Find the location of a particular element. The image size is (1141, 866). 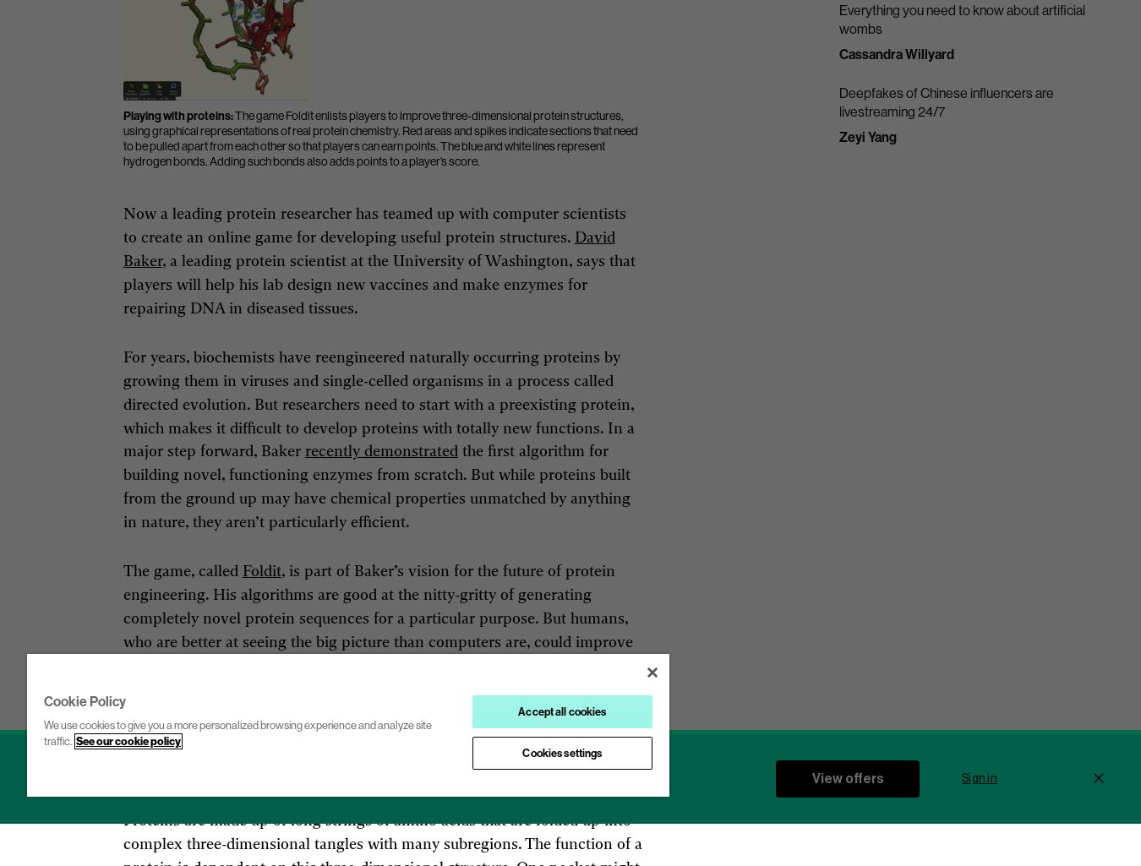

', is part of Baker’s vision for the future of protein engineering. His algorithms are good at the nitty-gritty of generating completely novel protein sequences for a particular purpose. But humans, who are better at seeing the big picture than computers are, could improve computer-designed proteins by playing the game.' is located at coordinates (377, 618).